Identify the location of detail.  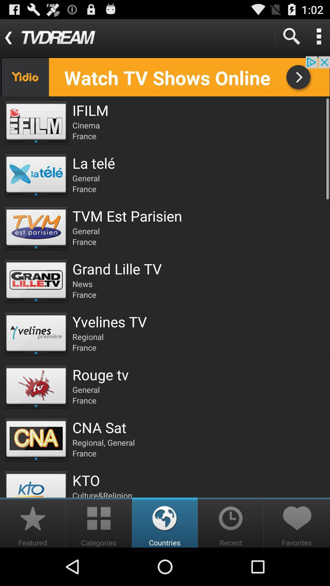
(318, 36).